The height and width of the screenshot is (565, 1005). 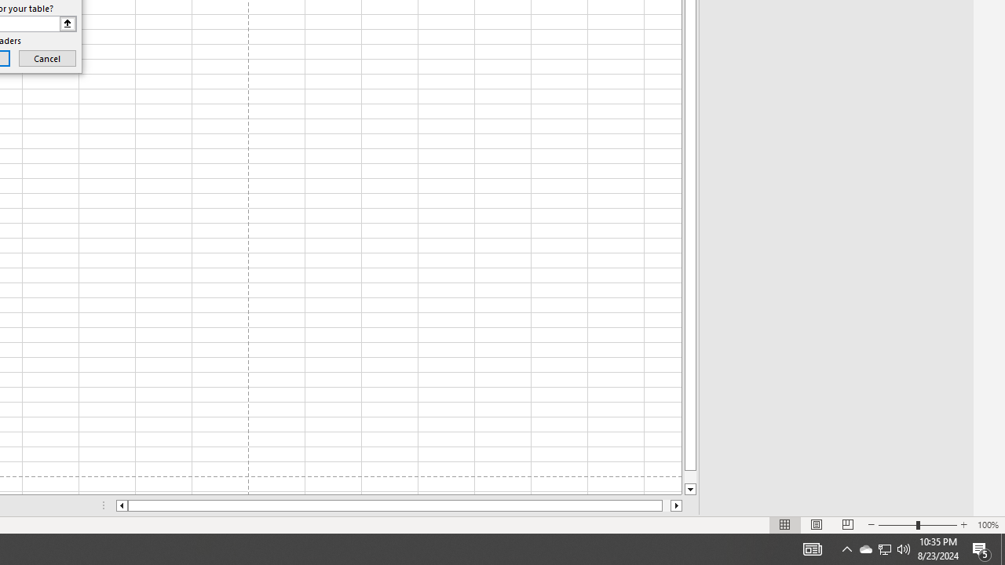 What do you see at coordinates (785, 525) in the screenshot?
I see `'Normal'` at bounding box center [785, 525].